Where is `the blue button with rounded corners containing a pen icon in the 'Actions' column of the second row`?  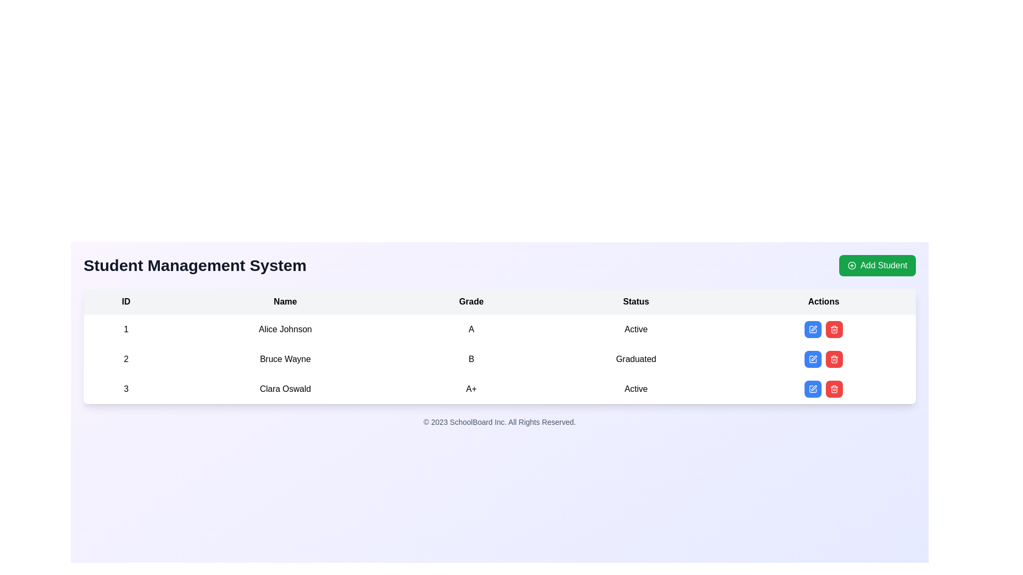 the blue button with rounded corners containing a pen icon in the 'Actions' column of the second row is located at coordinates (813, 359).